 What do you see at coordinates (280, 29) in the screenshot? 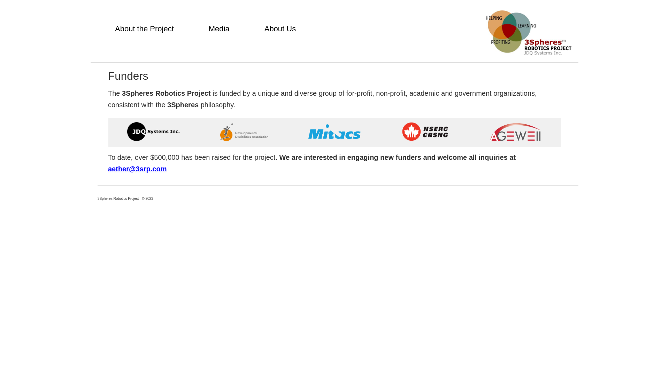
I see `'About Us'` at bounding box center [280, 29].